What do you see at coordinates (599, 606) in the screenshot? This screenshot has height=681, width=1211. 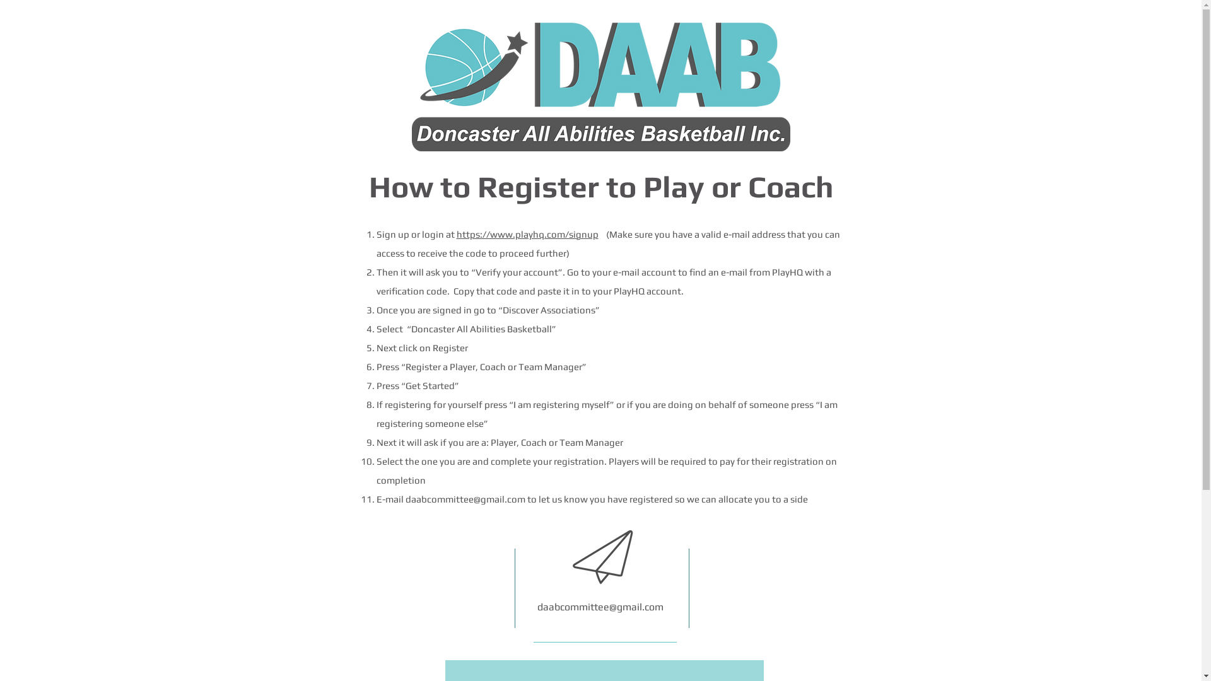 I see `'daabcommittee@gmail.com'` at bounding box center [599, 606].